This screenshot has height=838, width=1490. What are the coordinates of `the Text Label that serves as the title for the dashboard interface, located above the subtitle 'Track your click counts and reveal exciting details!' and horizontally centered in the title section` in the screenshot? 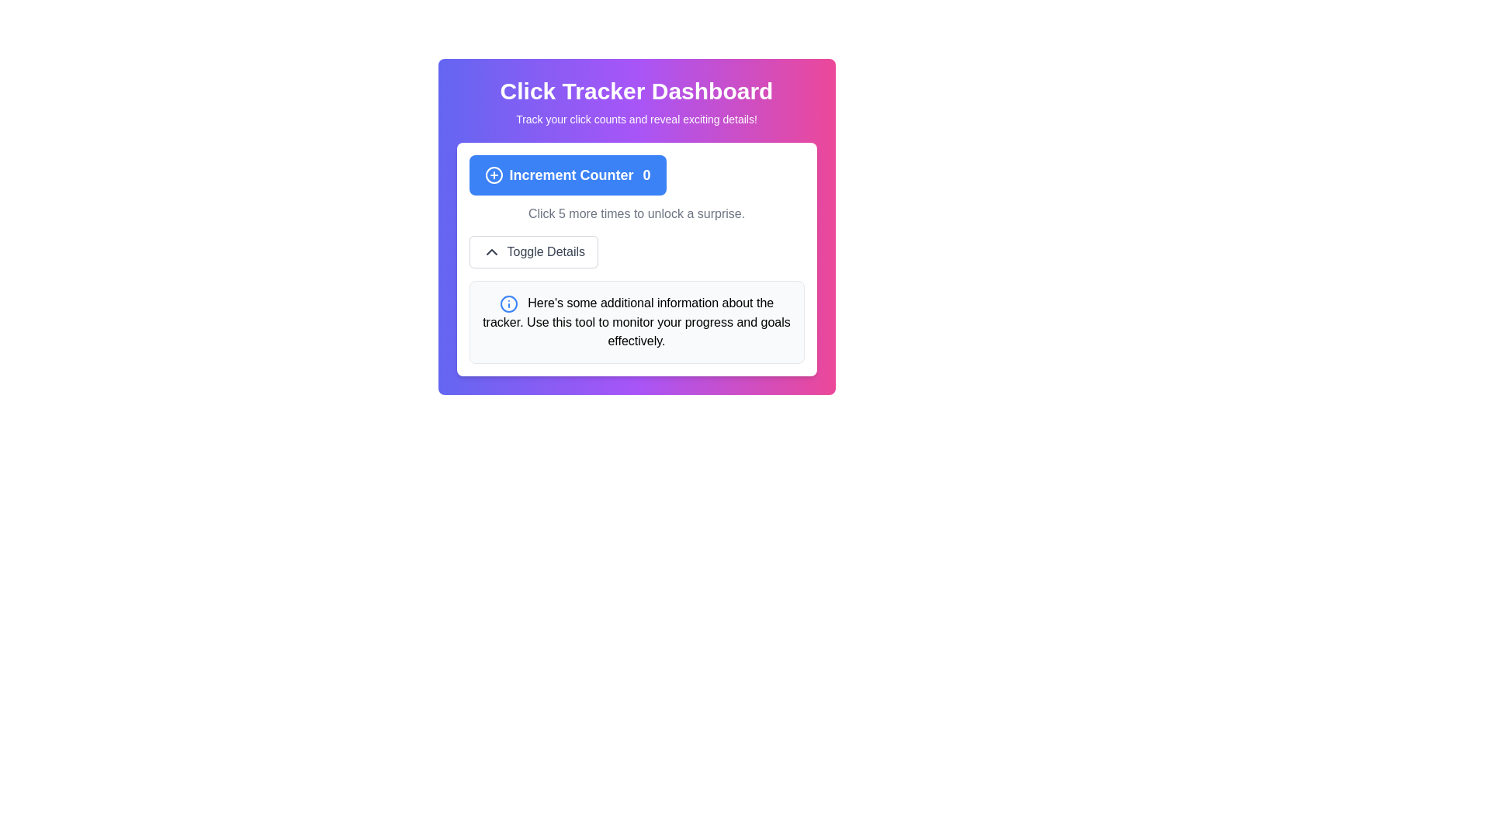 It's located at (636, 92).